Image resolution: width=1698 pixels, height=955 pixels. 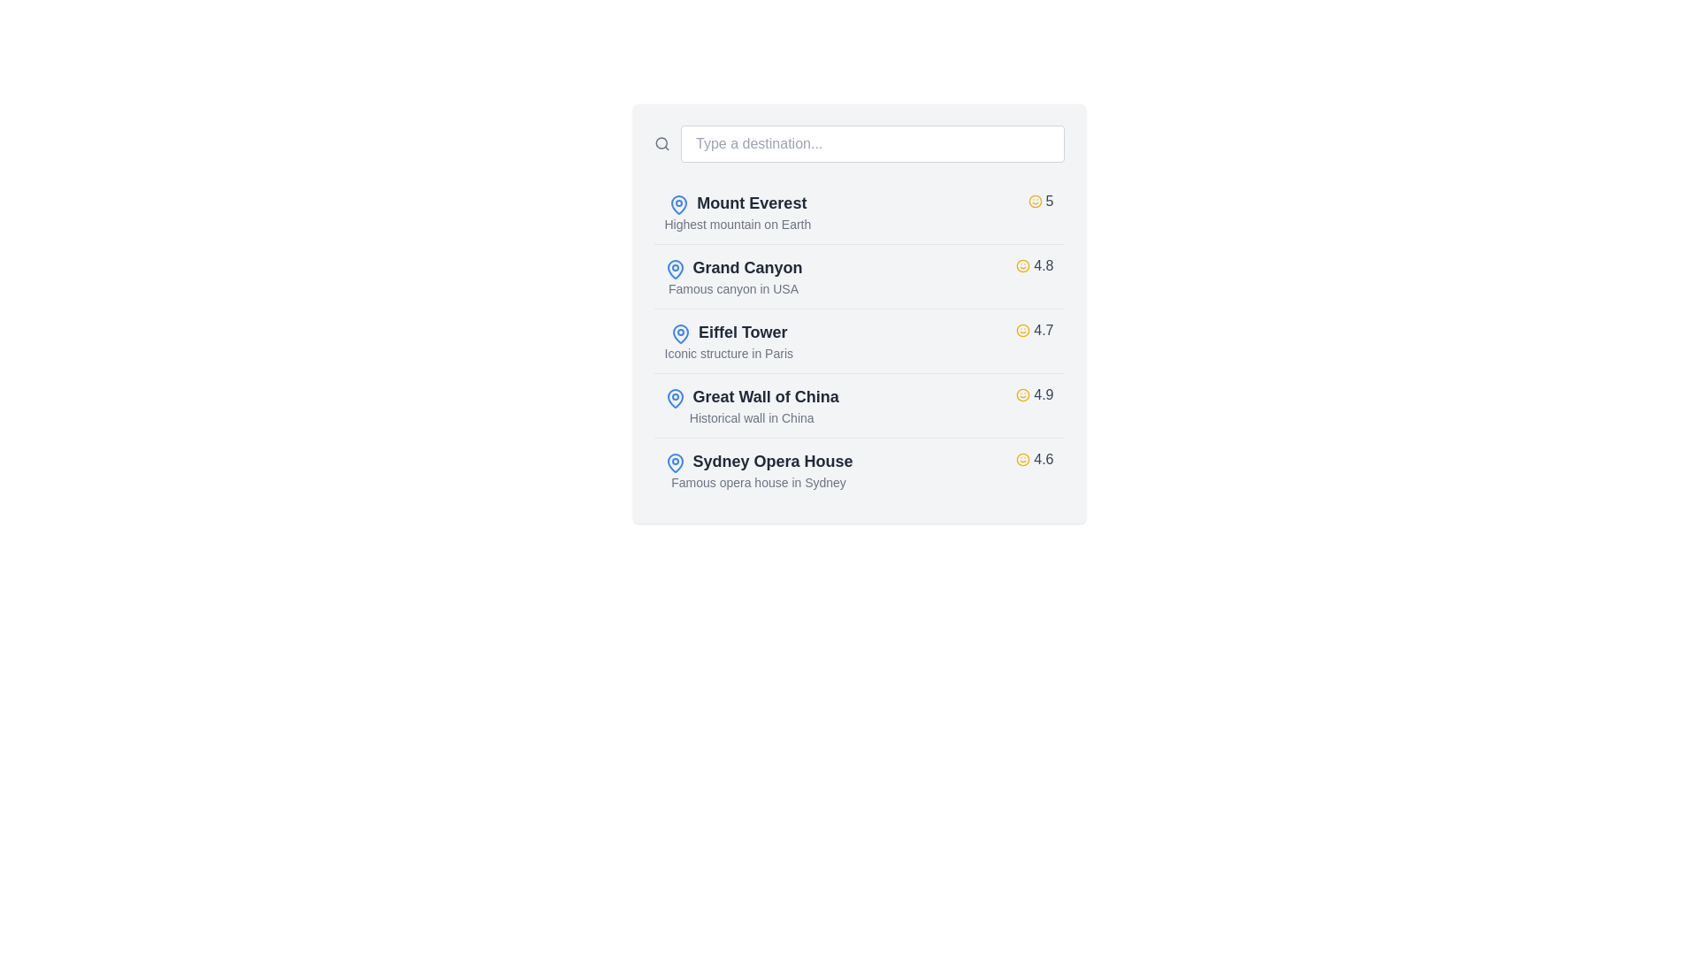 What do you see at coordinates (678, 203) in the screenshot?
I see `the blue map pin icon, which is the first icon in the list of destinations, located to the left of the text 'Mount Everest'` at bounding box center [678, 203].